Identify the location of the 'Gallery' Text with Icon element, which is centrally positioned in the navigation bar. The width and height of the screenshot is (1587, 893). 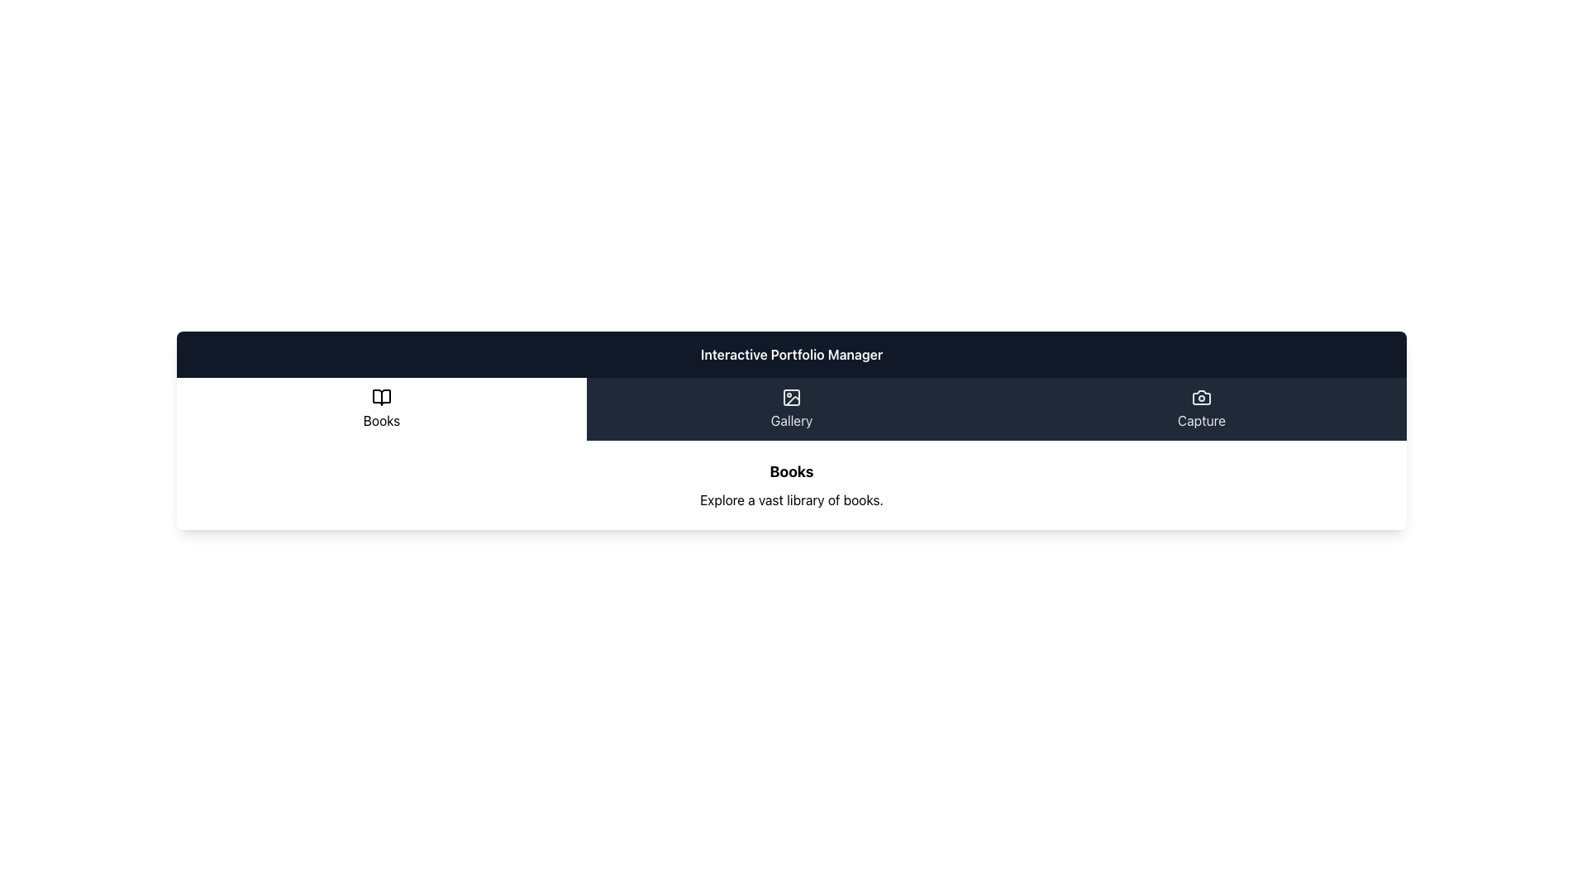
(791, 408).